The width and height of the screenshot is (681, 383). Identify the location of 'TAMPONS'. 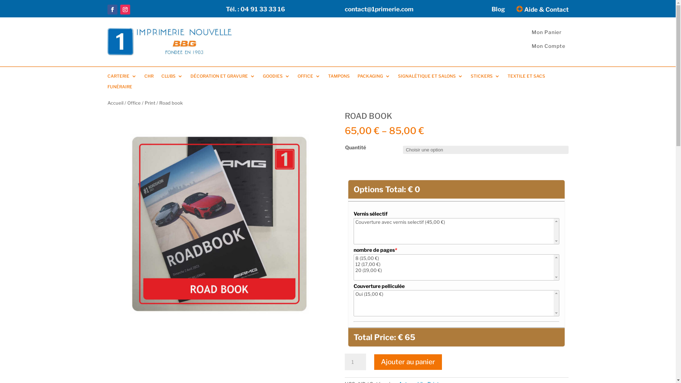
(338, 78).